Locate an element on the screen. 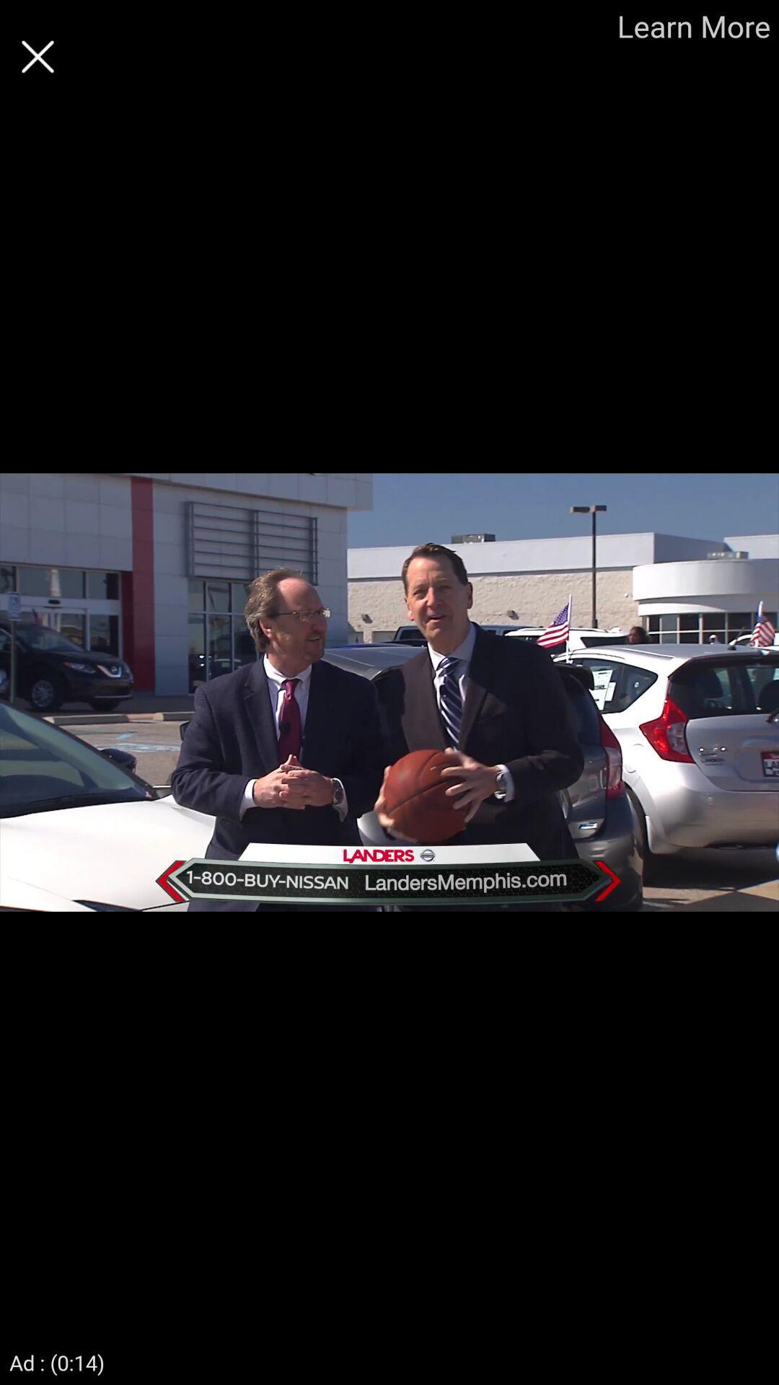 The height and width of the screenshot is (1385, 779). the close icon is located at coordinates (37, 56).